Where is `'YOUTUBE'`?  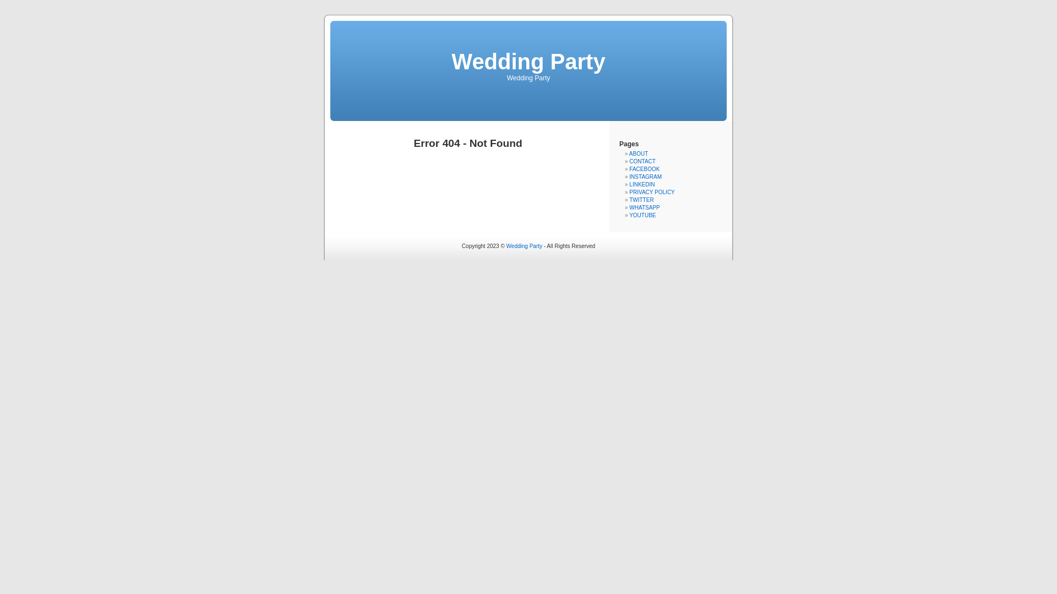
'YOUTUBE' is located at coordinates (642, 215).